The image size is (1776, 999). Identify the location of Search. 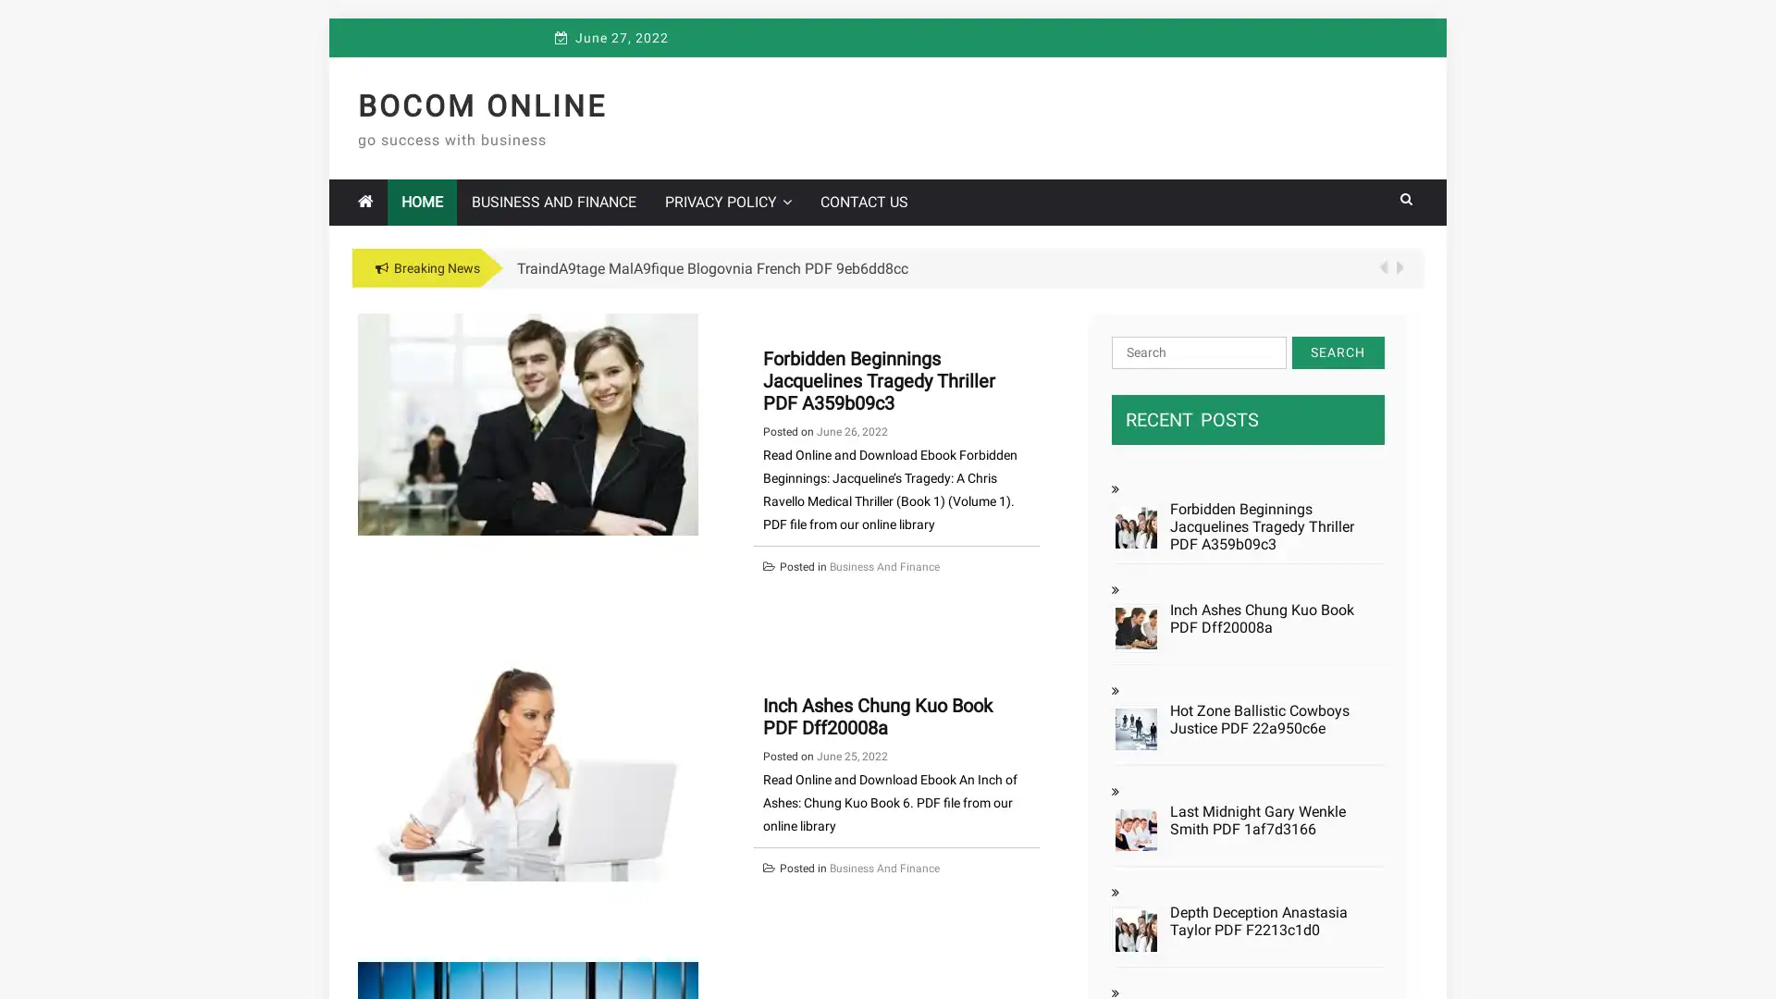
(1337, 351).